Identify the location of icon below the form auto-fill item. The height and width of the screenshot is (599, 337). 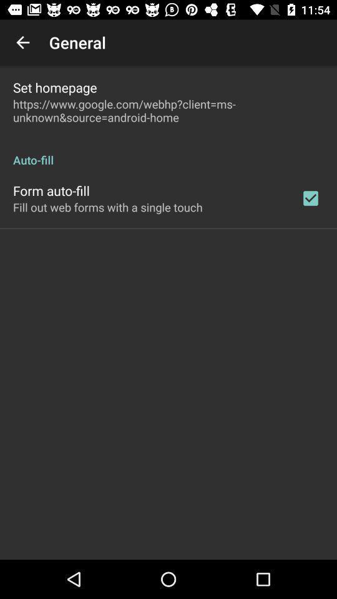
(107, 207).